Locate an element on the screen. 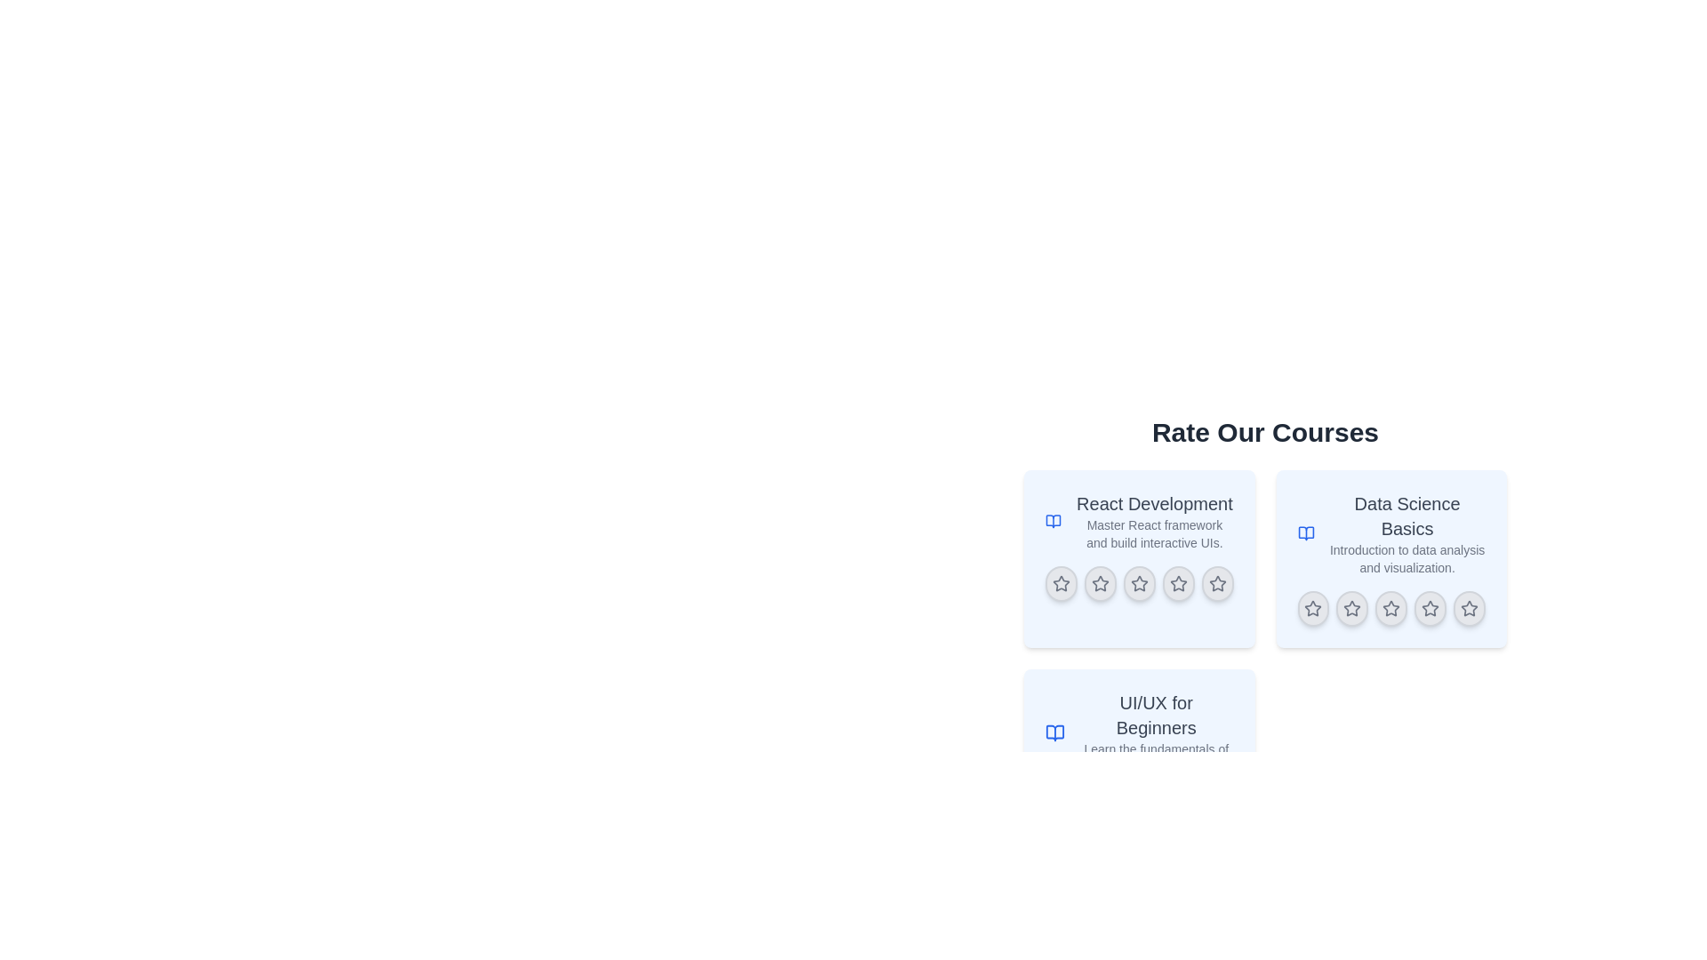 The image size is (1707, 960). the open book icon that identifies the 'UI/UX for Beginners' course, positioned to the left of the course title and description is located at coordinates (1054, 733).